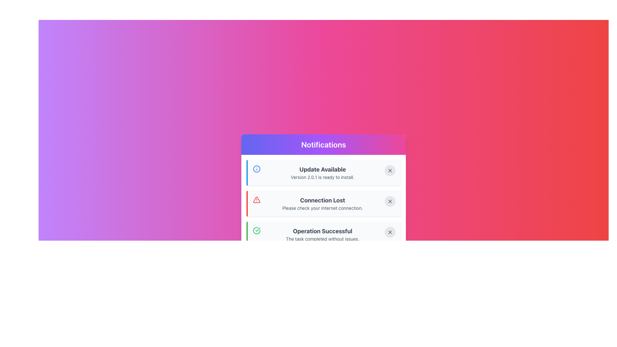 The height and width of the screenshot is (347, 617). I want to click on the 'Update Available' label in the notifications section of the first notification card, which displays the message in bold gray font, so click(322, 169).